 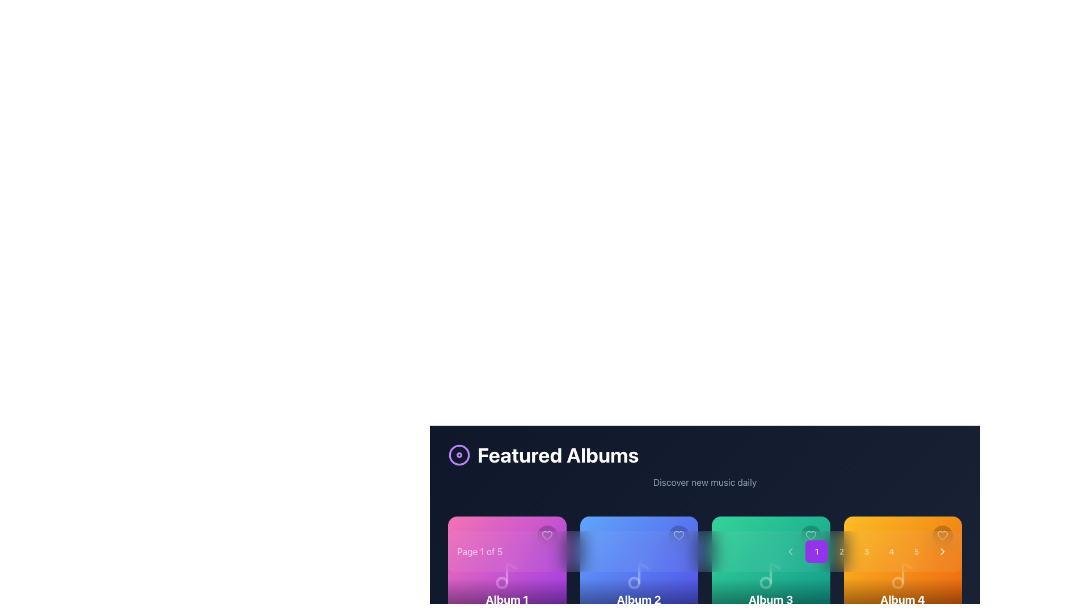 What do you see at coordinates (639, 576) in the screenshot?
I see `the appearance of the decorative music icon located in the center-bottom portion of the 'Album 2' card, which is the second card from the left in the carousel of album cards` at bounding box center [639, 576].